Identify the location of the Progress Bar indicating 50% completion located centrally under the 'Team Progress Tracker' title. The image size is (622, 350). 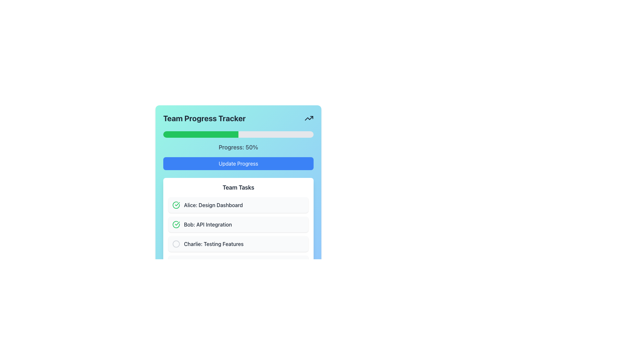
(238, 134).